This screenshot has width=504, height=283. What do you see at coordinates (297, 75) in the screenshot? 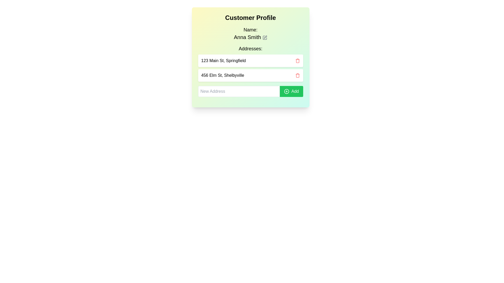
I see `the delete button icon located to the right of the address '456 Elm St, Shelbyville' in the 'Customer Profile' section to possibly see a tooltip` at bounding box center [297, 75].